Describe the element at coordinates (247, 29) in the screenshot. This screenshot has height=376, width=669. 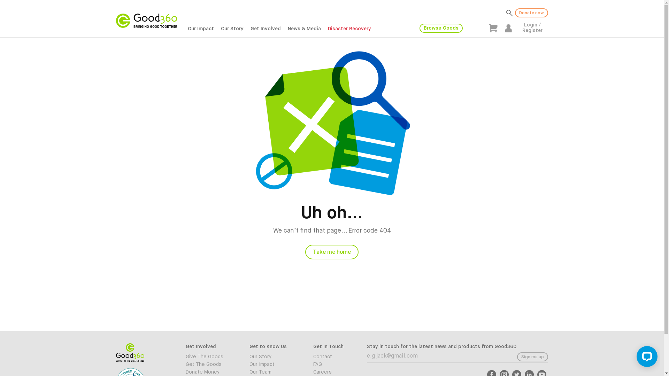
I see `'Get Involved'` at that location.